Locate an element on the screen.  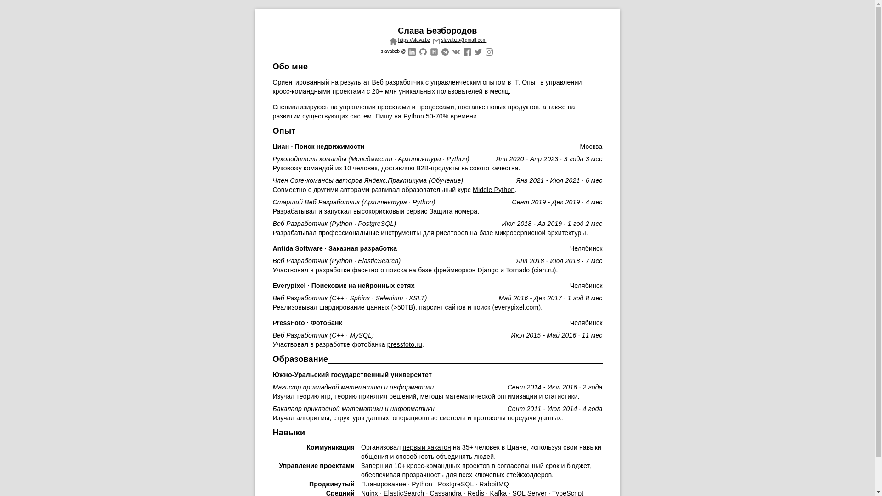
'slavabzb' is located at coordinates (411, 51).